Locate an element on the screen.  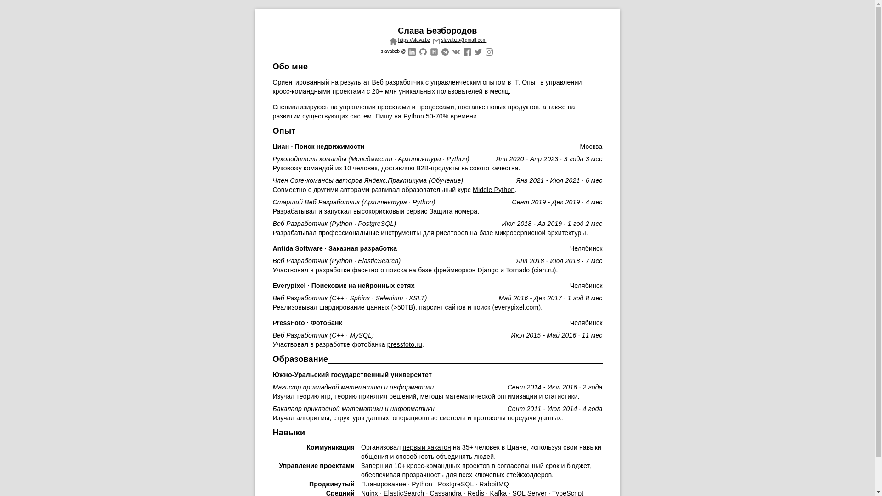
'slavabzb' is located at coordinates (411, 51).